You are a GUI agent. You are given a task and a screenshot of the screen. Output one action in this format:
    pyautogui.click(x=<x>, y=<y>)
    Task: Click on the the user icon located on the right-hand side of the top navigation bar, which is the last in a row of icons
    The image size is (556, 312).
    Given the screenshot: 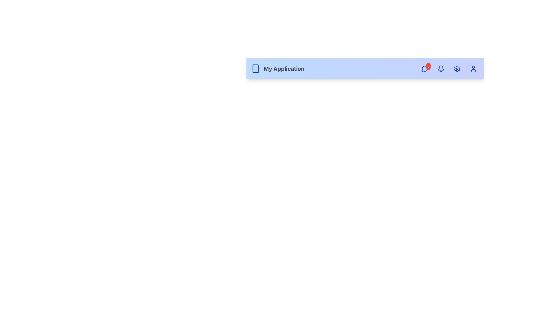 What is the action you would take?
    pyautogui.click(x=473, y=68)
    